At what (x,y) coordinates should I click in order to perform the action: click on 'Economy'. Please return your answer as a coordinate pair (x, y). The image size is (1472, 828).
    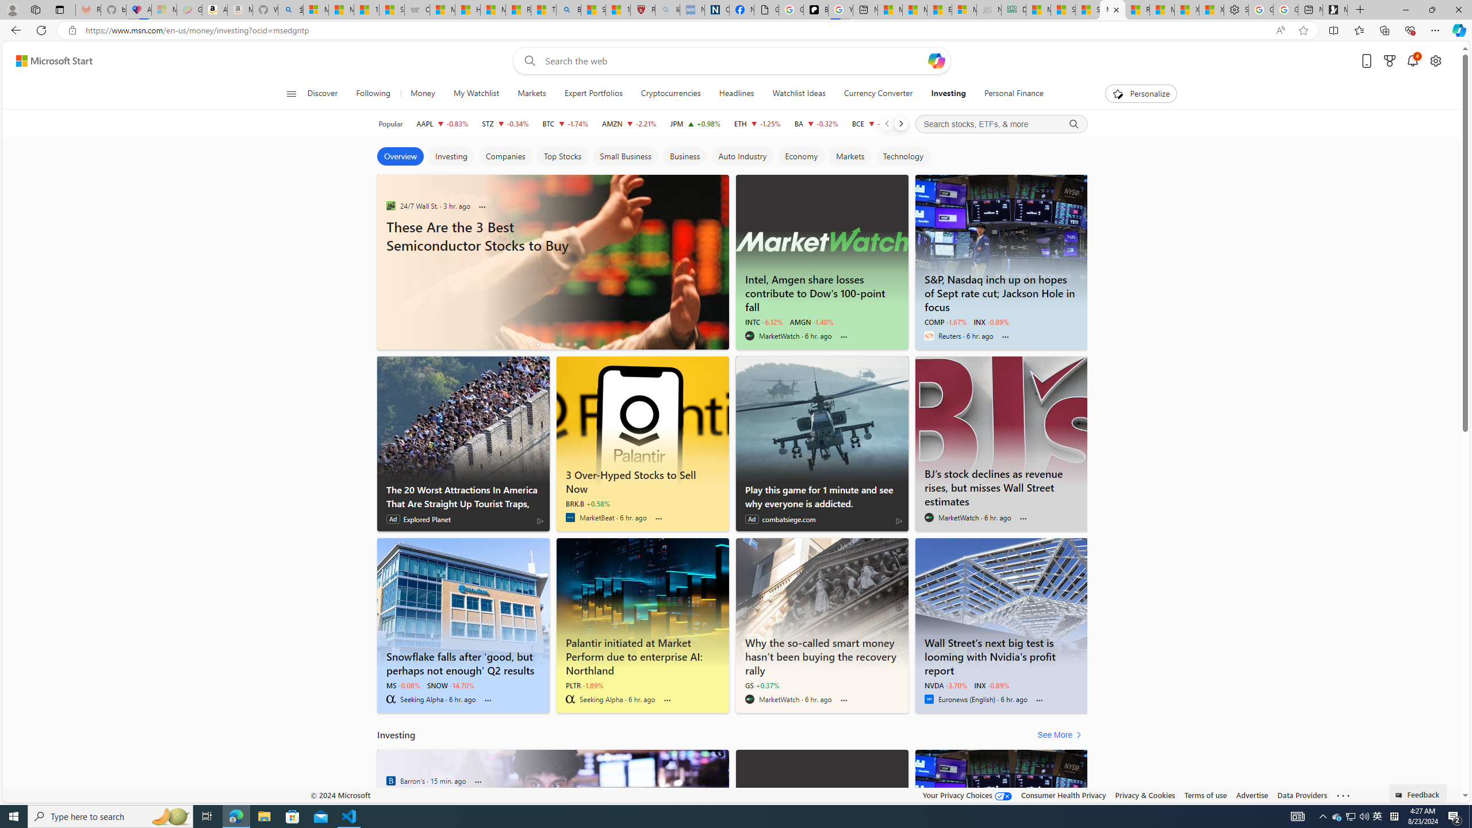
    Looking at the image, I should click on (800, 156).